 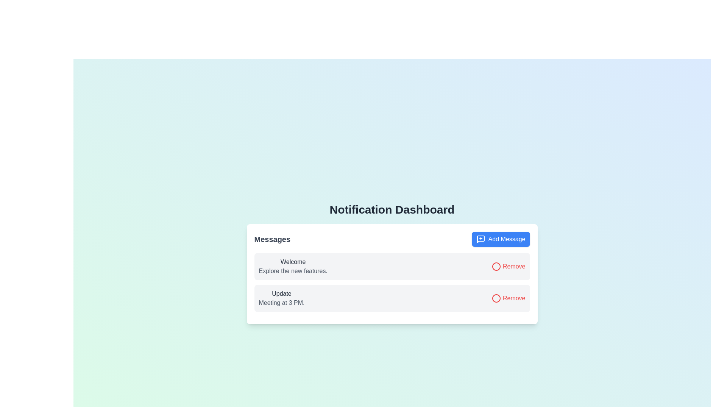 What do you see at coordinates (501, 239) in the screenshot?
I see `the 'Add Message' button located on the right side of the 'Messages' section` at bounding box center [501, 239].